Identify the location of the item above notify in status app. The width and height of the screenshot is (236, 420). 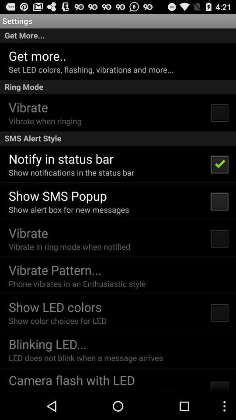
(118, 138).